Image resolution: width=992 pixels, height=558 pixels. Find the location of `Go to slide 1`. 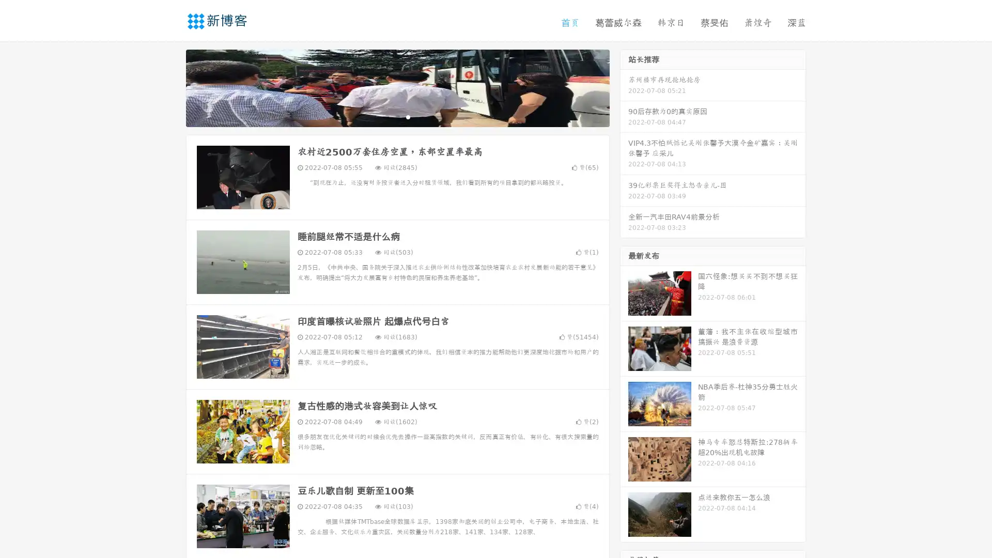

Go to slide 1 is located at coordinates (386, 116).